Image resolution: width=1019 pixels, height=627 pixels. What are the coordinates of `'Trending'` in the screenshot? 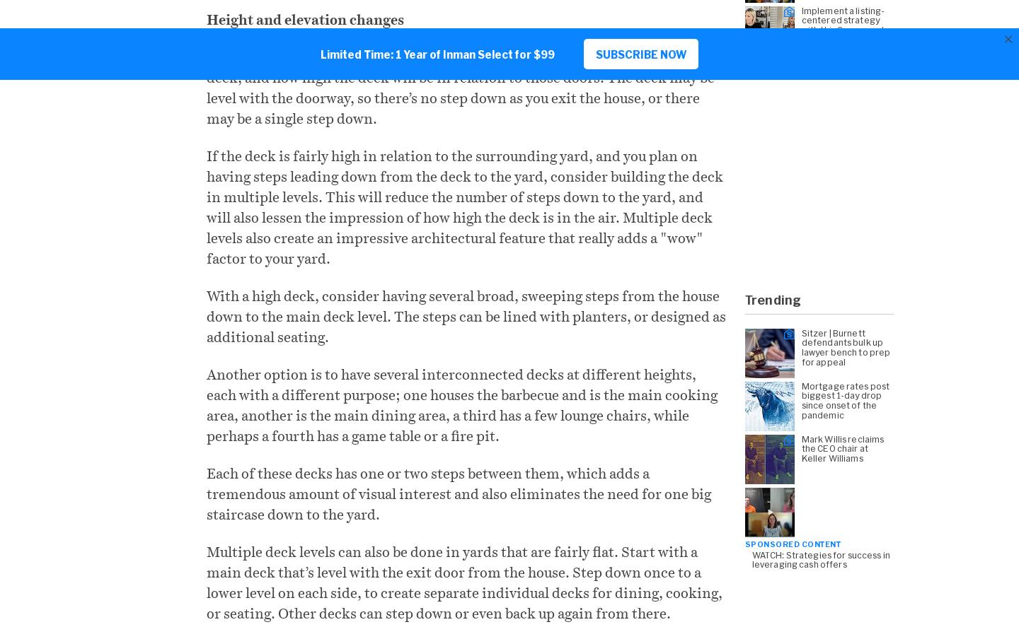 It's located at (744, 299).